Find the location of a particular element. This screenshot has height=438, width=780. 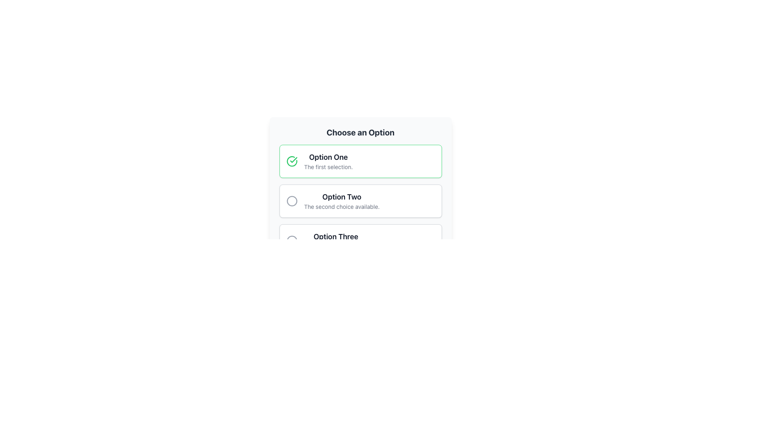

the text label that displays 'Option Two' within the interactive list, which is the second option in the vertical list is located at coordinates (342, 201).